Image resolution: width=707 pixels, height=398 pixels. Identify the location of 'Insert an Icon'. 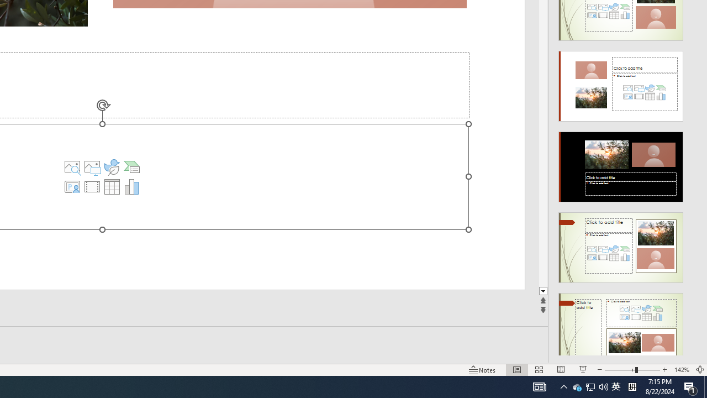
(112, 167).